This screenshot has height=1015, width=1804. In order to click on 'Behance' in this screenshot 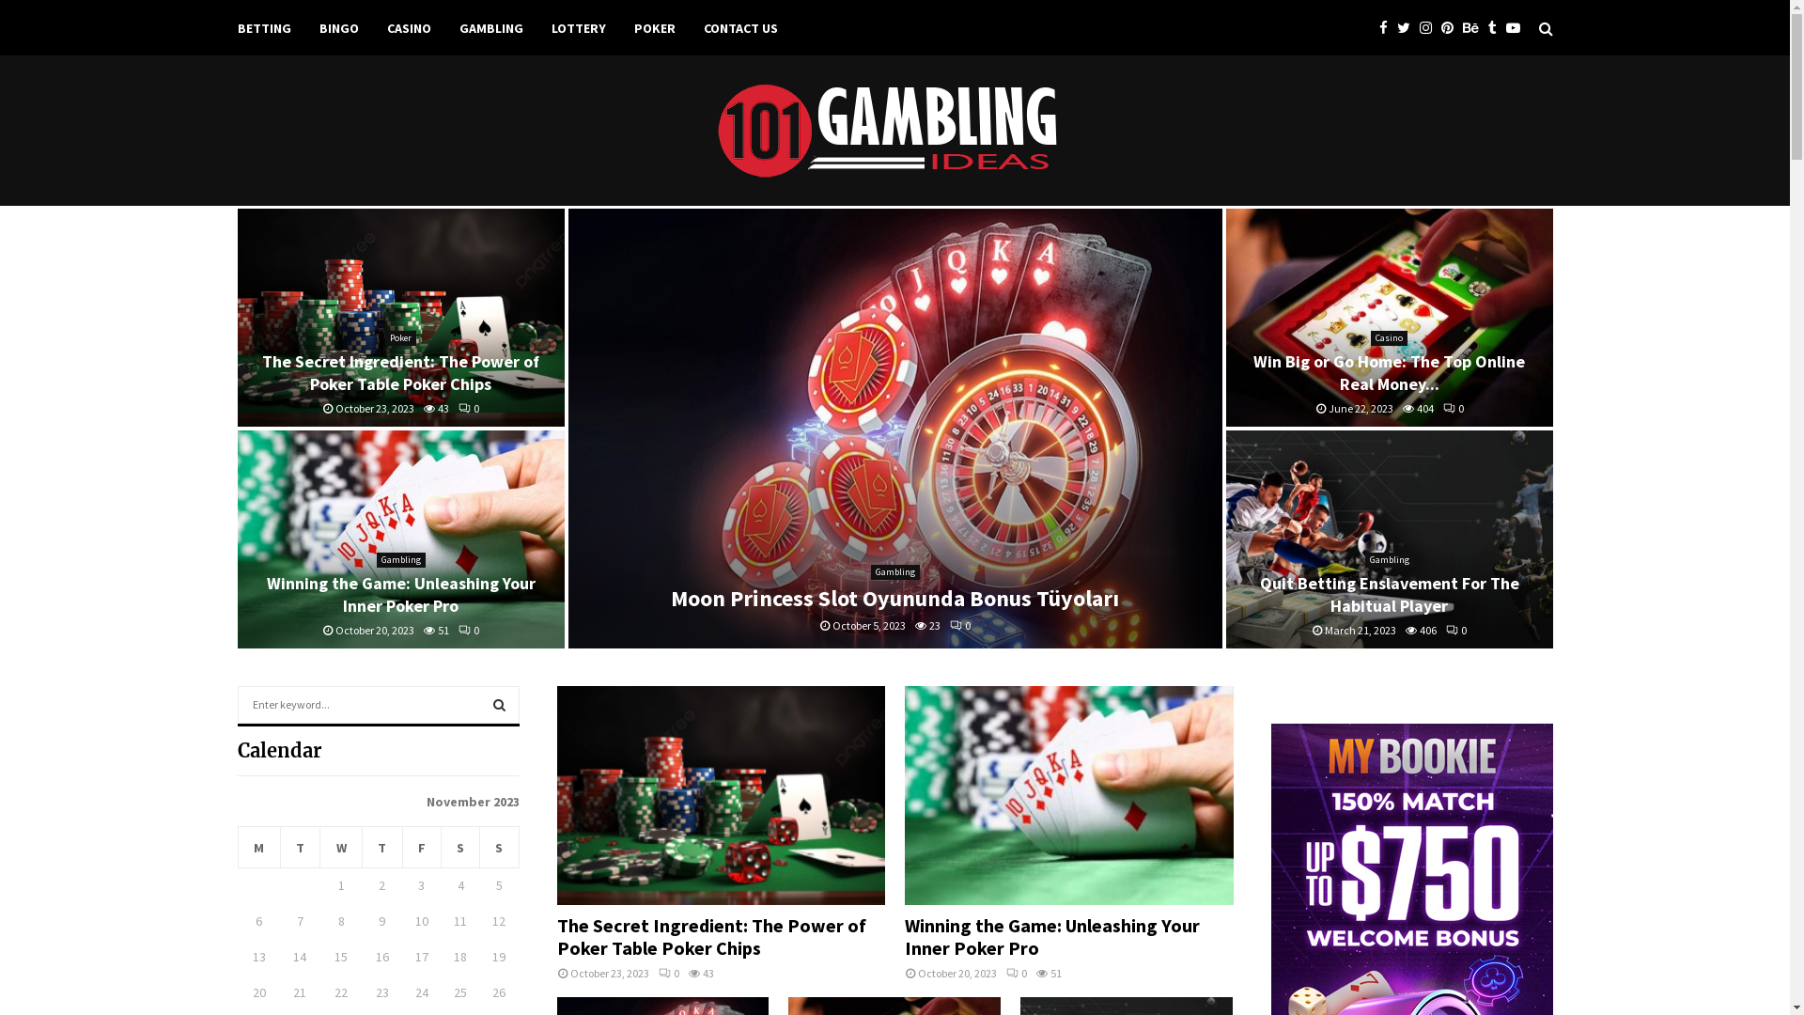, I will do `click(1473, 28)`.